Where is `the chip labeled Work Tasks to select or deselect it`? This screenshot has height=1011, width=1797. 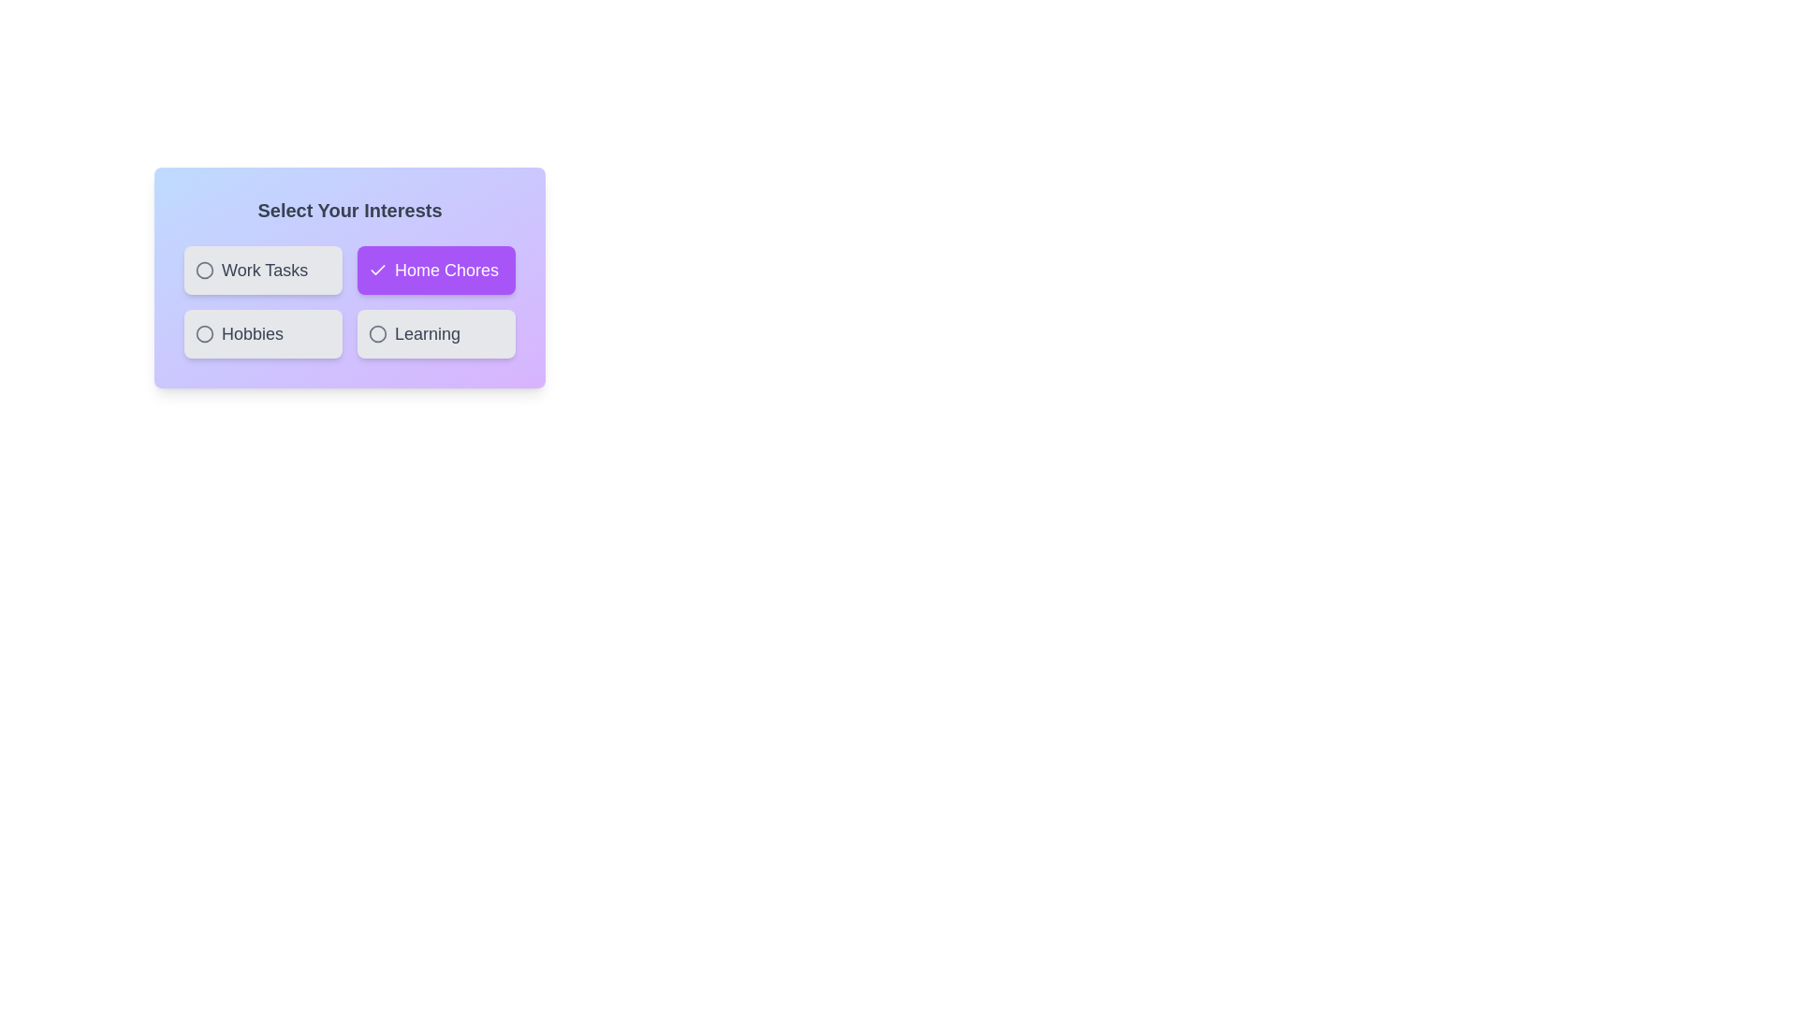 the chip labeled Work Tasks to select or deselect it is located at coordinates (262, 271).